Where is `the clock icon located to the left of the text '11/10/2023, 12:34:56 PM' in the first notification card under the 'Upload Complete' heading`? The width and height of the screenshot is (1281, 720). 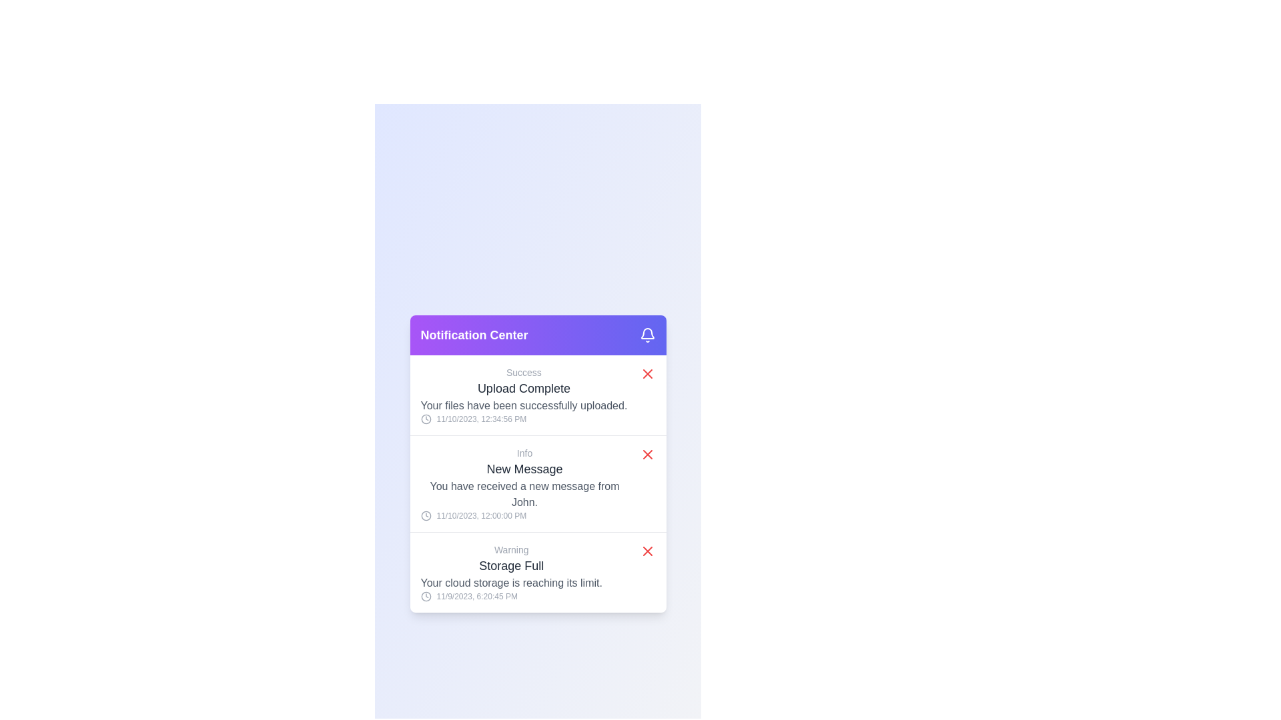
the clock icon located to the left of the text '11/10/2023, 12:34:56 PM' in the first notification card under the 'Upload Complete' heading is located at coordinates (425, 418).